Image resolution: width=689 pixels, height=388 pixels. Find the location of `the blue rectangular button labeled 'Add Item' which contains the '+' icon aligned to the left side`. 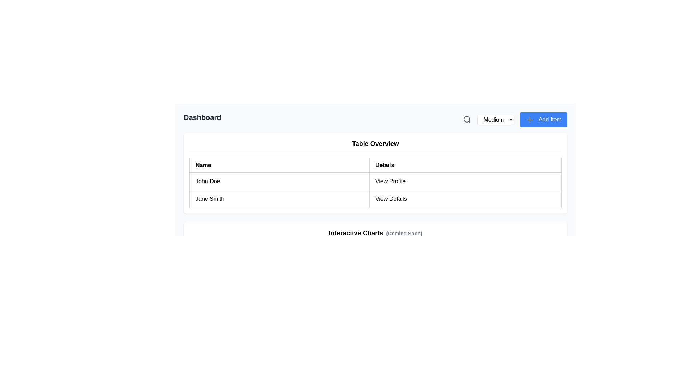

the blue rectangular button labeled 'Add Item' which contains the '+' icon aligned to the left side is located at coordinates (530, 119).